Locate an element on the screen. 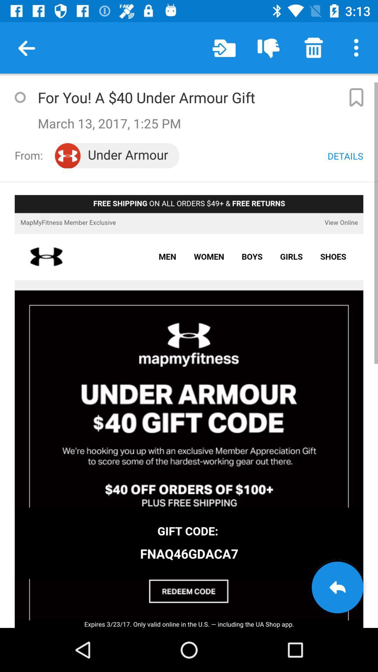 The image size is (378, 672). icon button is located at coordinates (356, 97).